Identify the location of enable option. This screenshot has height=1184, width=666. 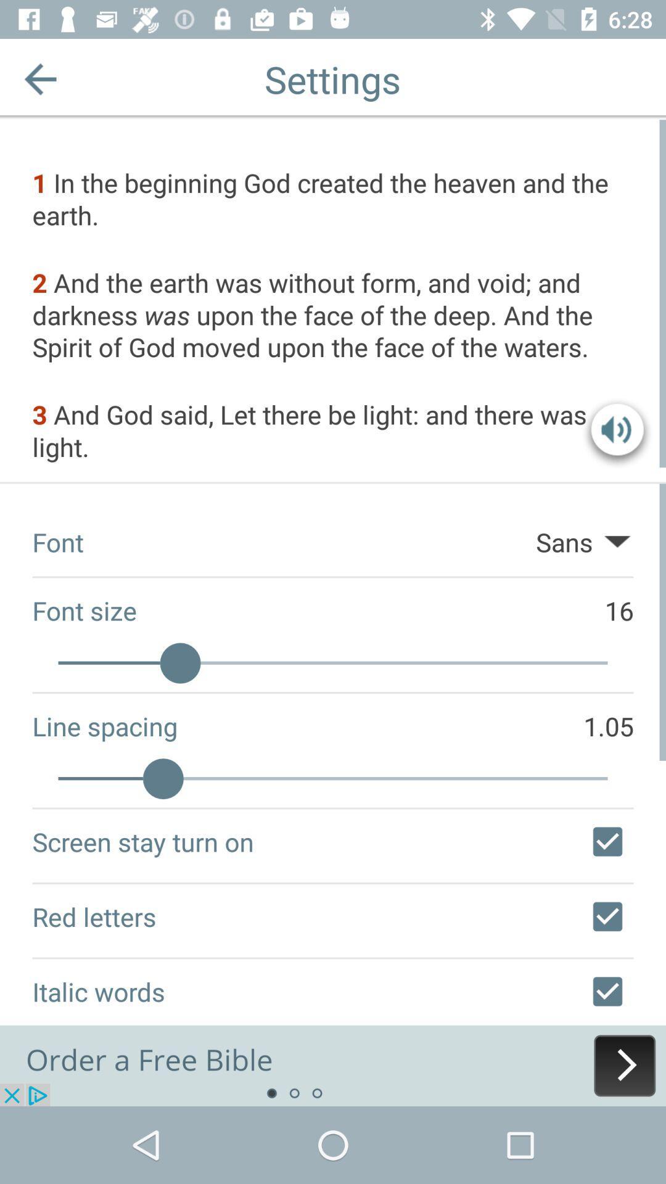
(607, 841).